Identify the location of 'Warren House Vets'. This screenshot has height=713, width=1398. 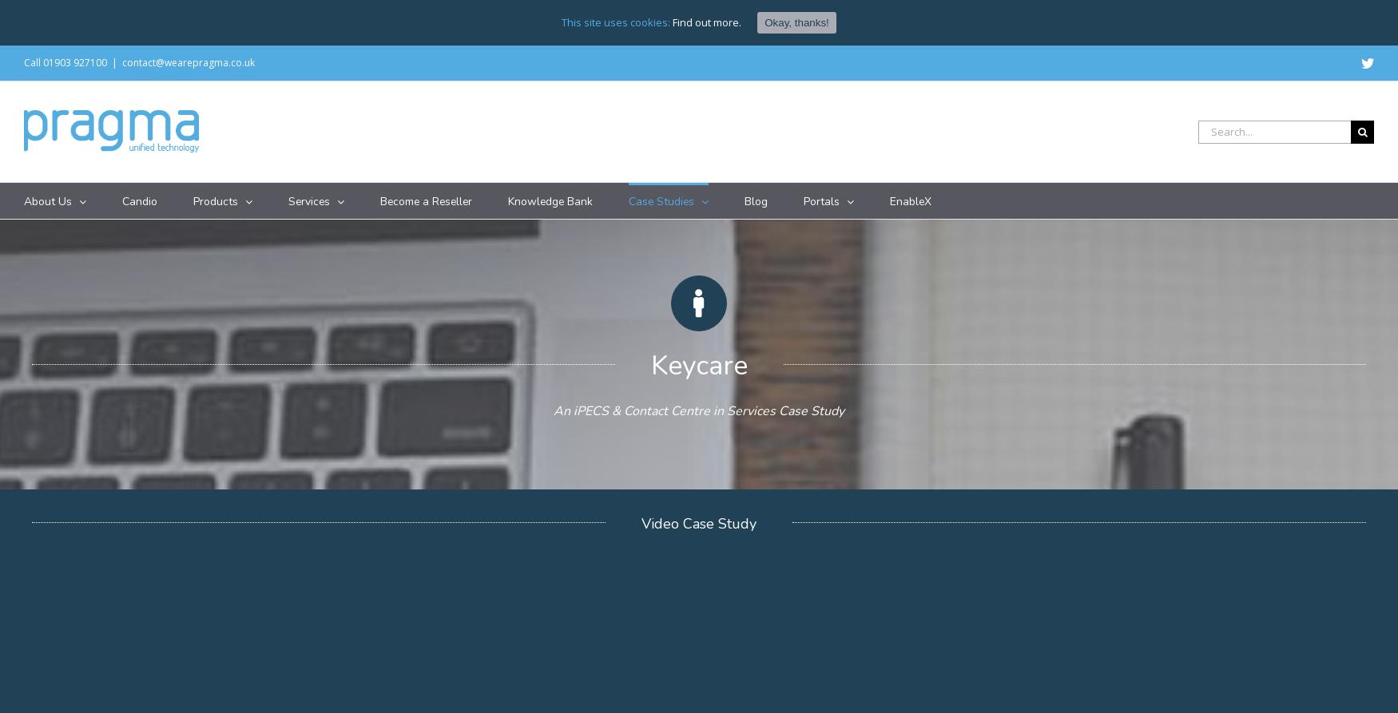
(835, 402).